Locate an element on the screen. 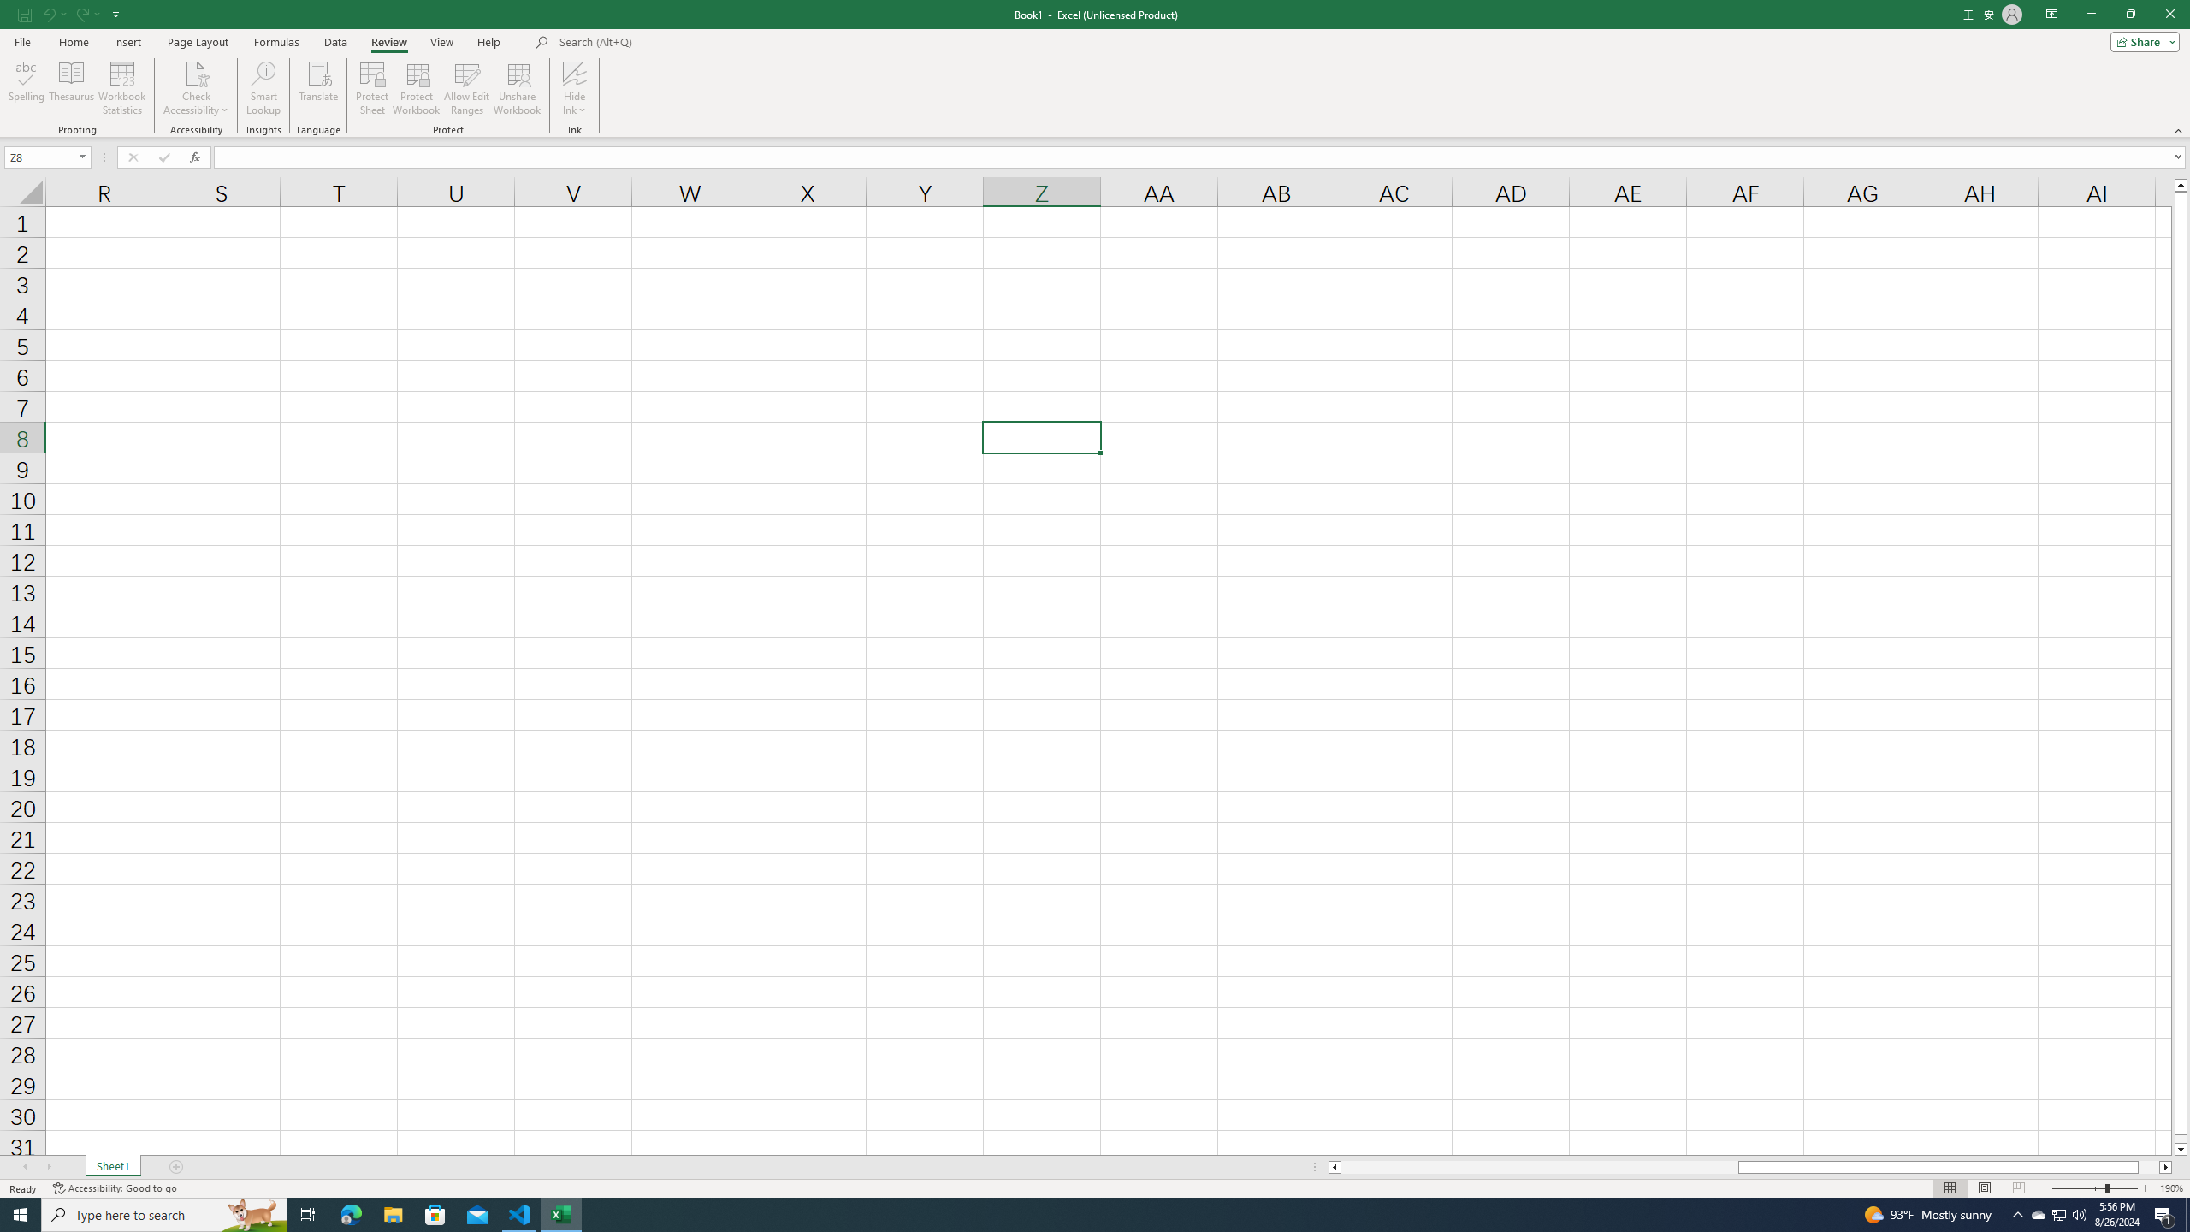 This screenshot has width=2190, height=1232. 'Spelling...' is located at coordinates (25, 88).